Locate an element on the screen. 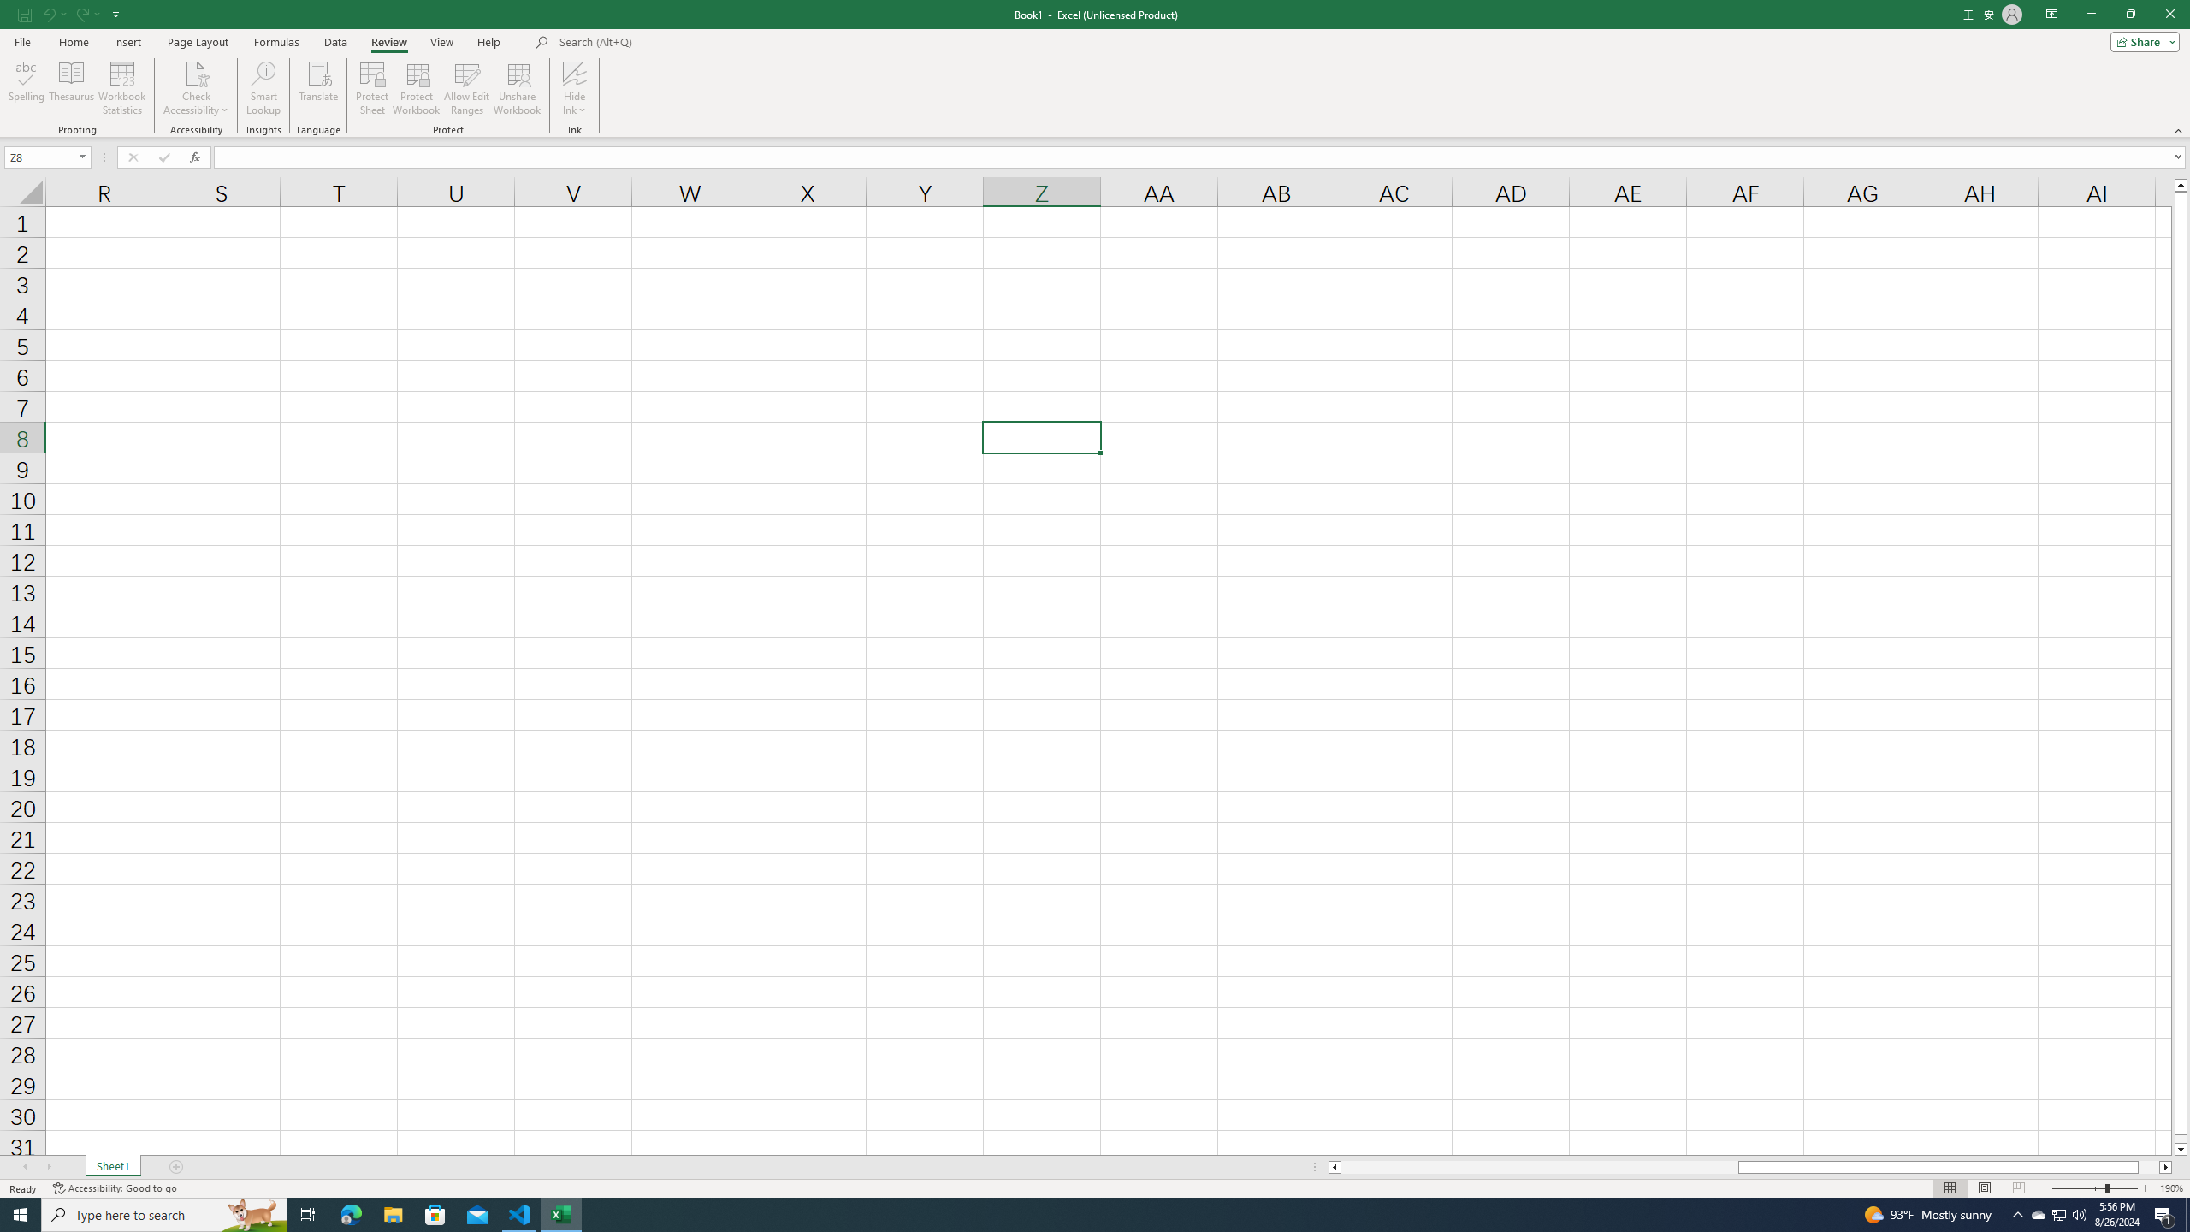 This screenshot has width=2190, height=1232. 'Spelling...' is located at coordinates (25, 88).